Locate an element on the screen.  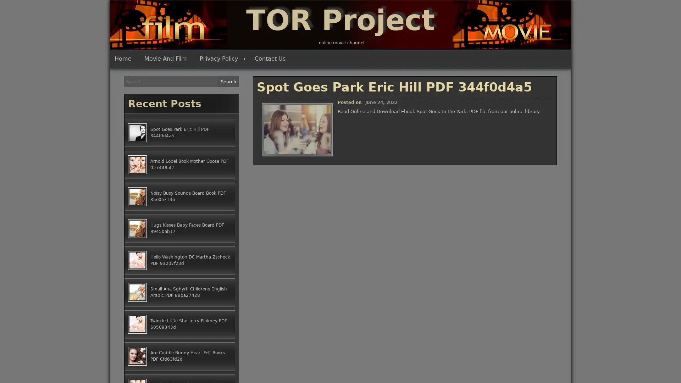
Search is located at coordinates (228, 81).